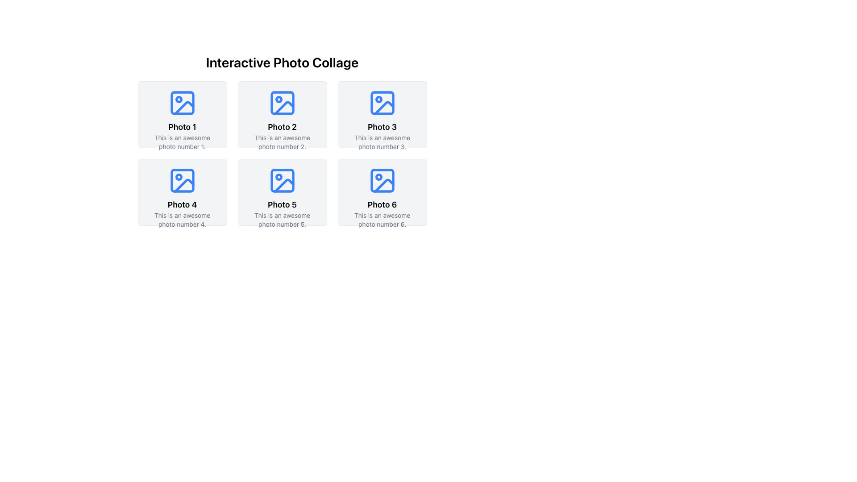 The image size is (857, 482). What do you see at coordinates (282, 103) in the screenshot?
I see `the icon featuring a blue outline of a photo frame with a circular detail and a diagonal line, located within the card titled 'Photo 2' in the 'Interactive Photo Collage'` at bounding box center [282, 103].